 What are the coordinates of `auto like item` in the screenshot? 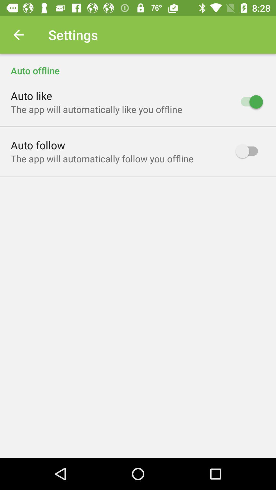 It's located at (31, 95).